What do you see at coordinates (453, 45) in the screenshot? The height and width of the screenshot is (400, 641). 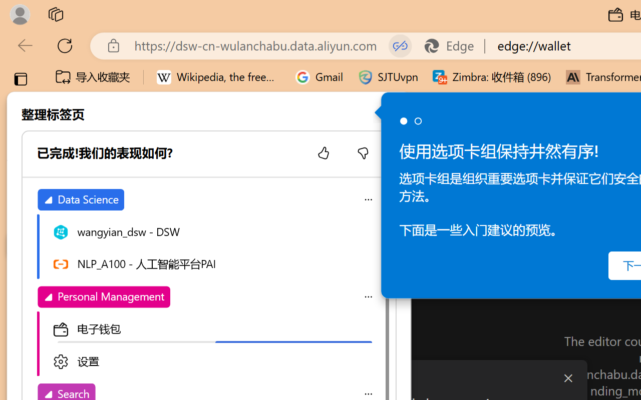 I see `'Edge'` at bounding box center [453, 45].